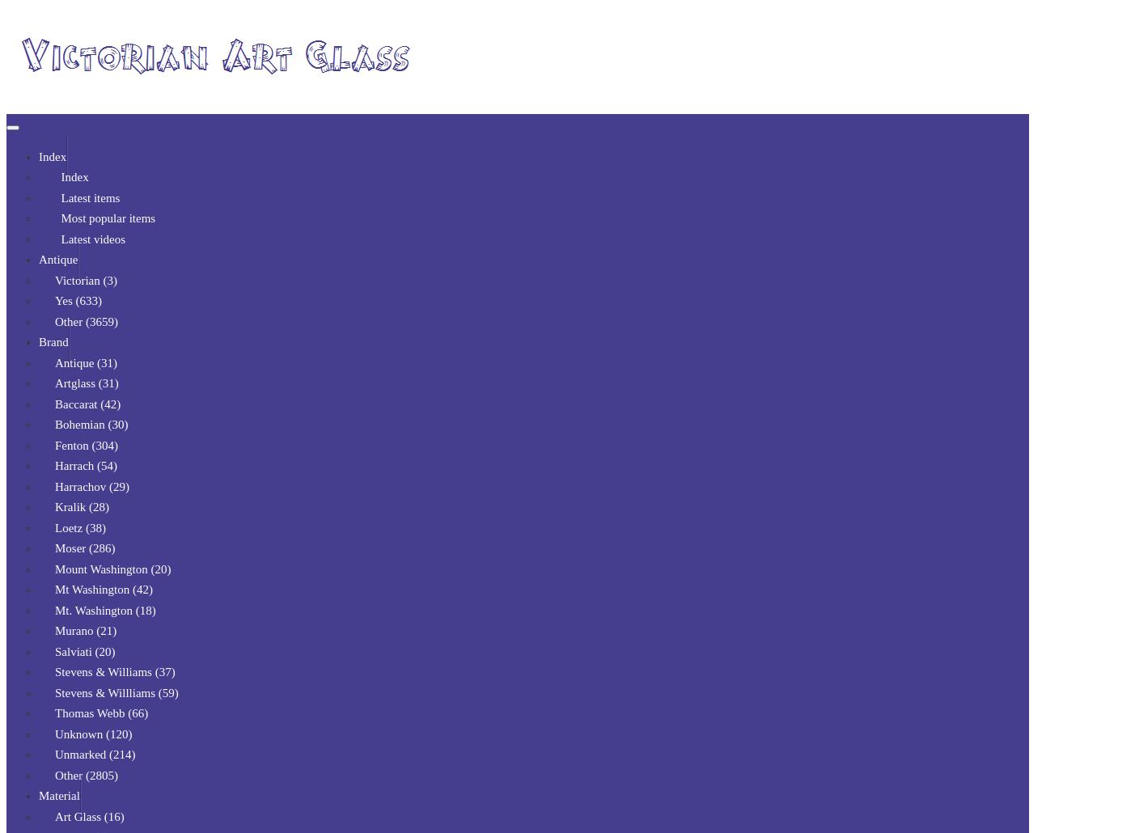  Describe the element at coordinates (93, 734) in the screenshot. I see `'Unknown (120)'` at that location.